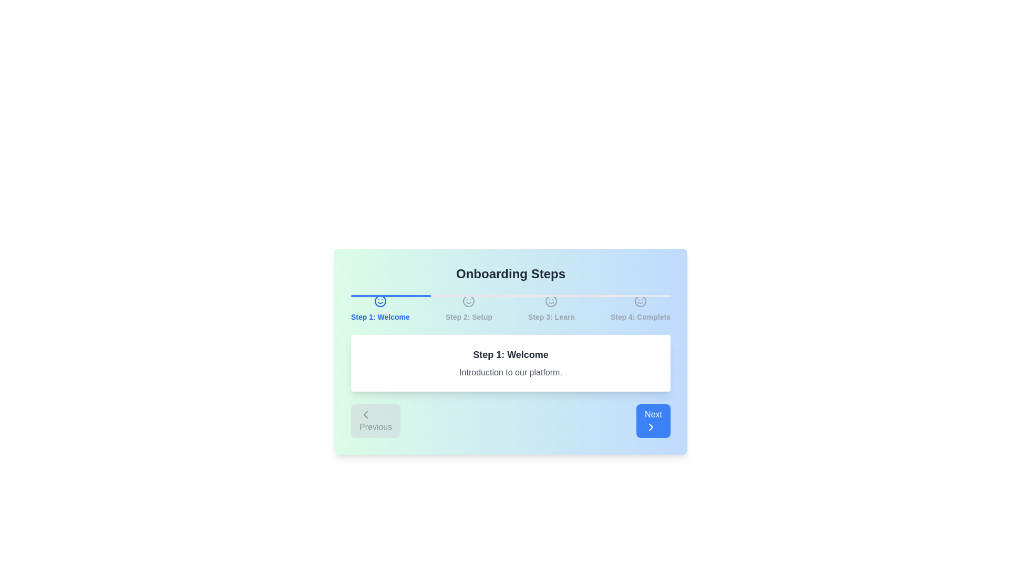 This screenshot has height=567, width=1009. Describe the element at coordinates (510, 308) in the screenshot. I see `the progress indicator step` at that location.